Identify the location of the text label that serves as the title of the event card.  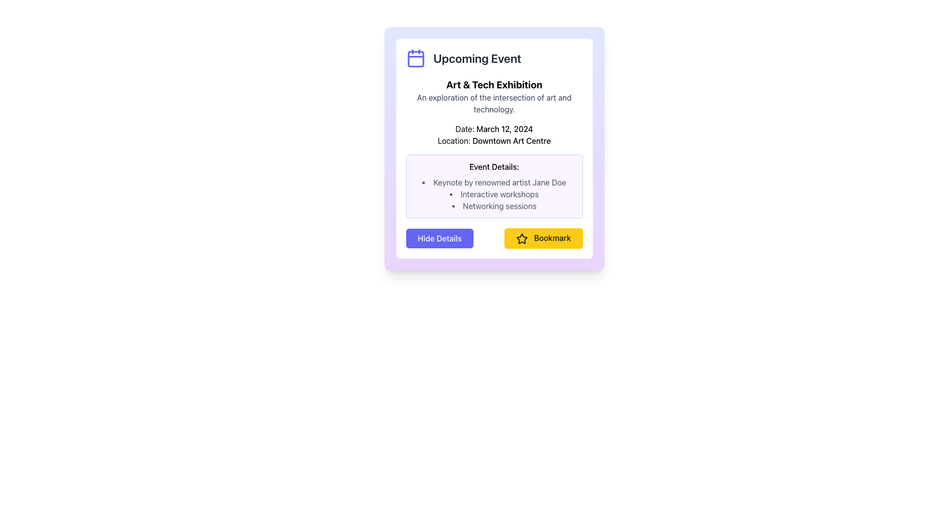
(494, 84).